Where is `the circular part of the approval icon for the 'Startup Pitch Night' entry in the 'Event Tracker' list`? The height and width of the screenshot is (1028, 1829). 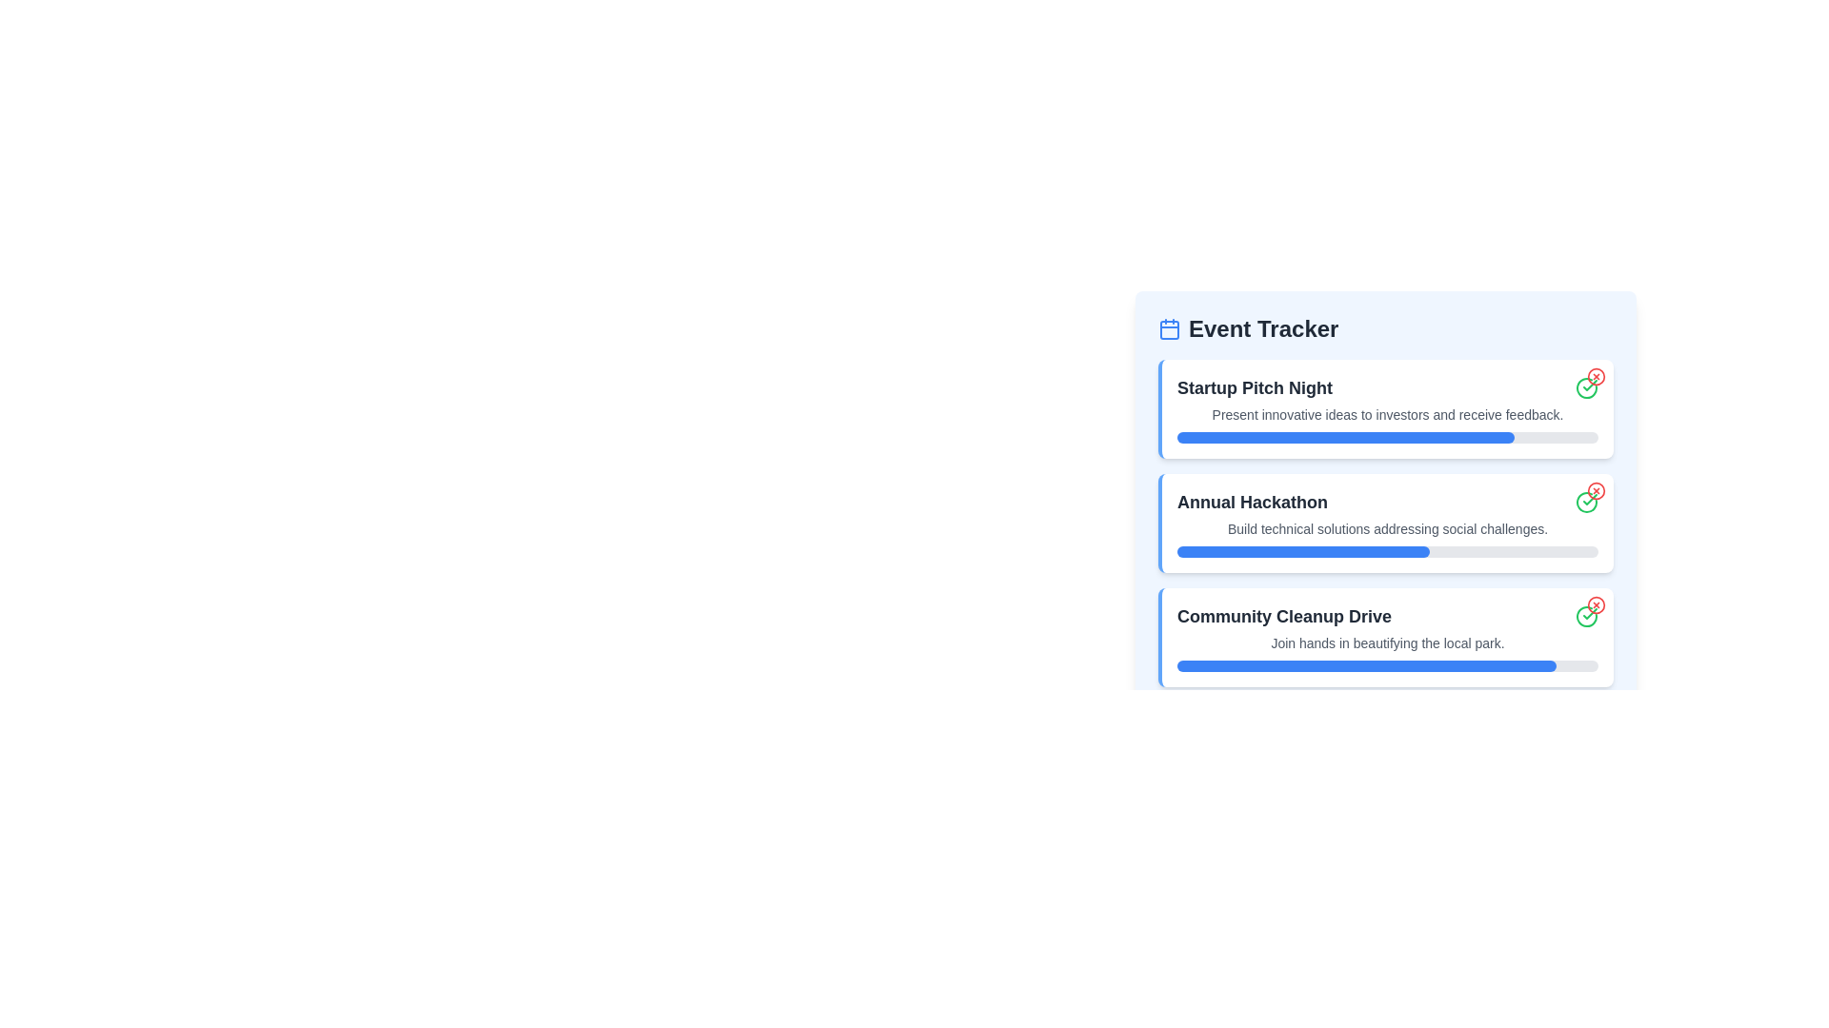
the circular part of the approval icon for the 'Startup Pitch Night' entry in the 'Event Tracker' list is located at coordinates (1586, 617).